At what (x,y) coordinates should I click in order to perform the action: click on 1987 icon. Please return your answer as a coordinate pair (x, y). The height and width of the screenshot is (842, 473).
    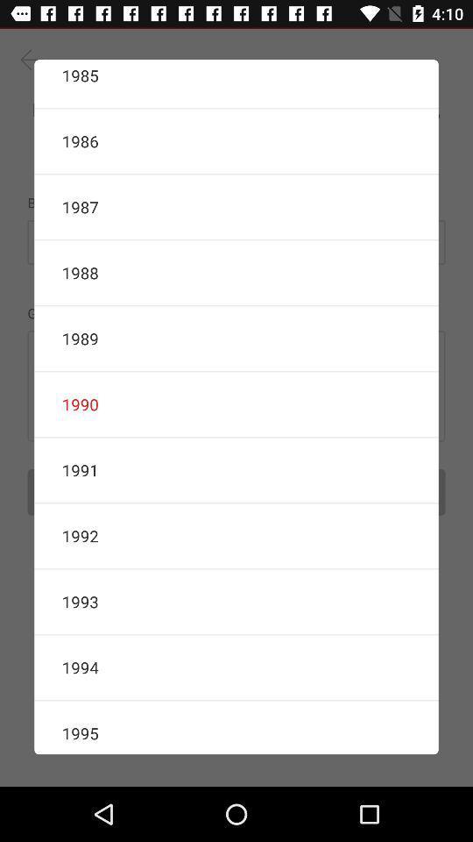
    Looking at the image, I should click on (236, 207).